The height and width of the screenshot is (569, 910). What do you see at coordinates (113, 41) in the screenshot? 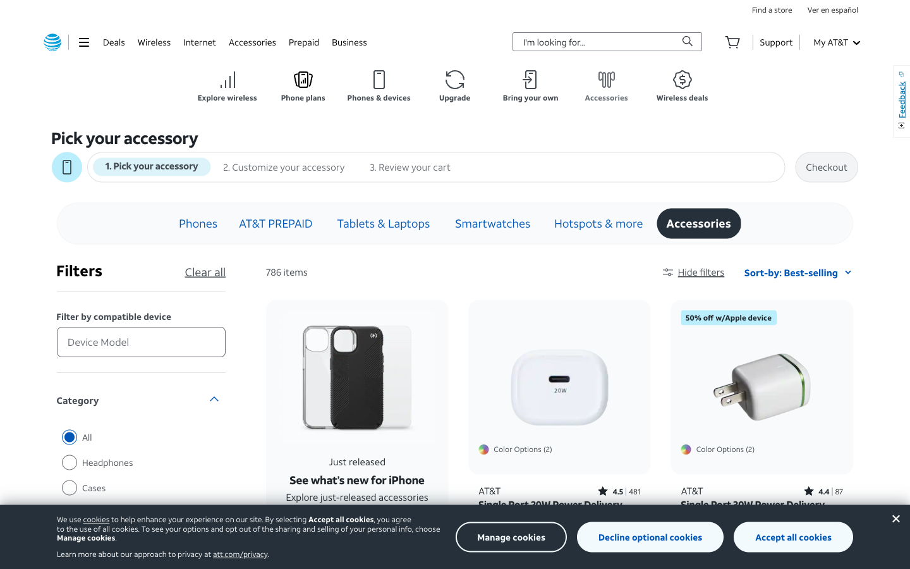
I see `all categories in the deals section` at bounding box center [113, 41].